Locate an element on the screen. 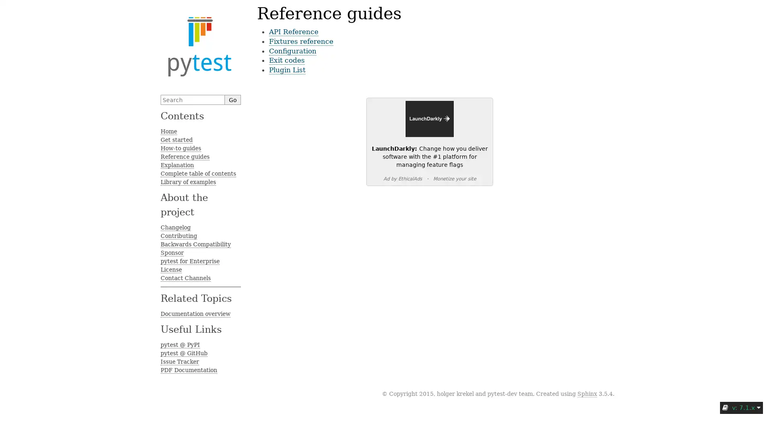  Go is located at coordinates (233, 99).